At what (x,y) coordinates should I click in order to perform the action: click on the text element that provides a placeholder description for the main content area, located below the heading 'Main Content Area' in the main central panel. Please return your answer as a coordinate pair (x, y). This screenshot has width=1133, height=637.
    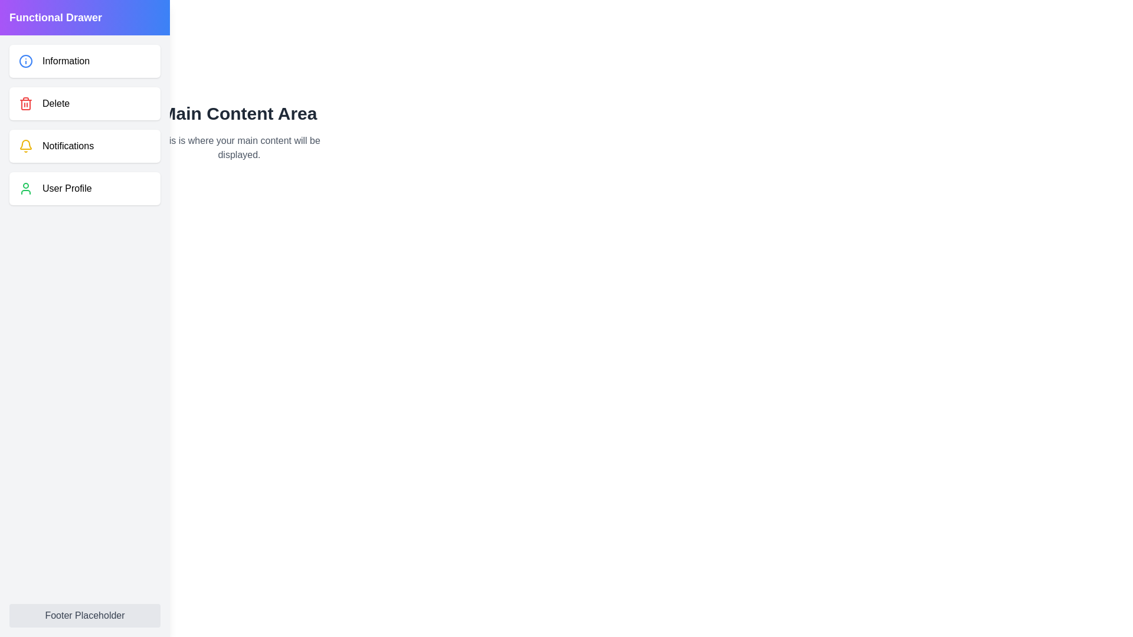
    Looking at the image, I should click on (238, 147).